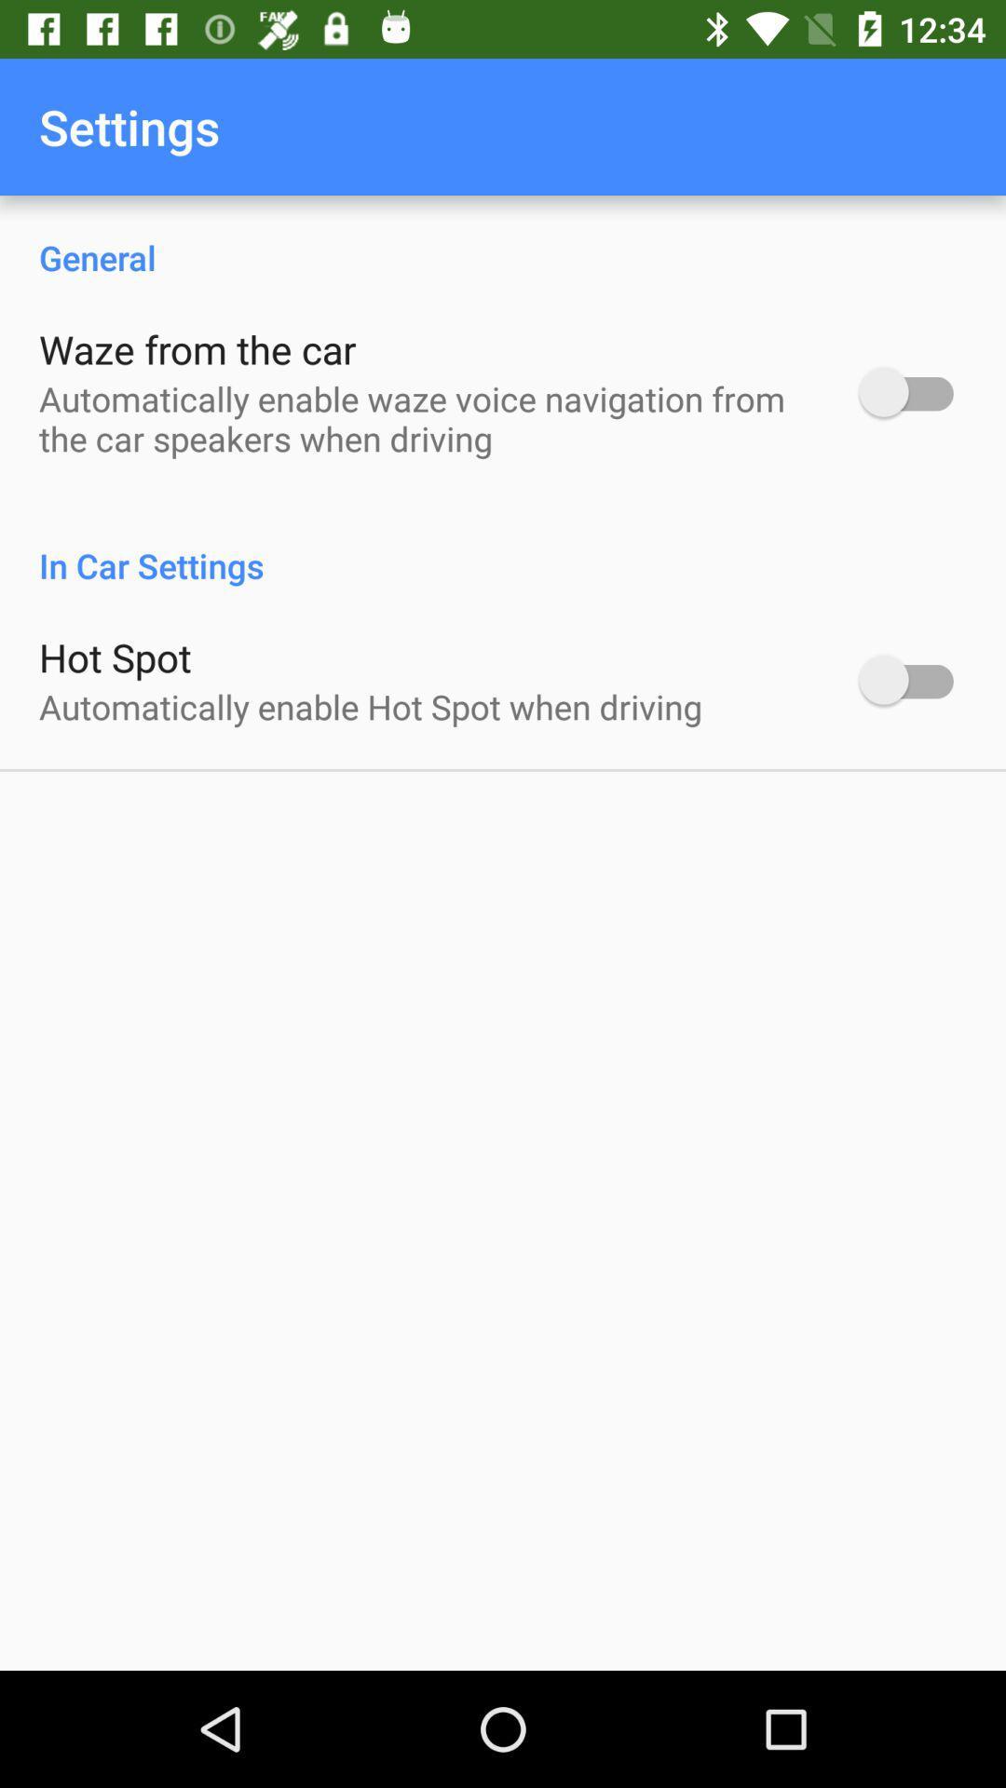 This screenshot has height=1788, width=1006. What do you see at coordinates (503, 237) in the screenshot?
I see `app below settings app` at bounding box center [503, 237].